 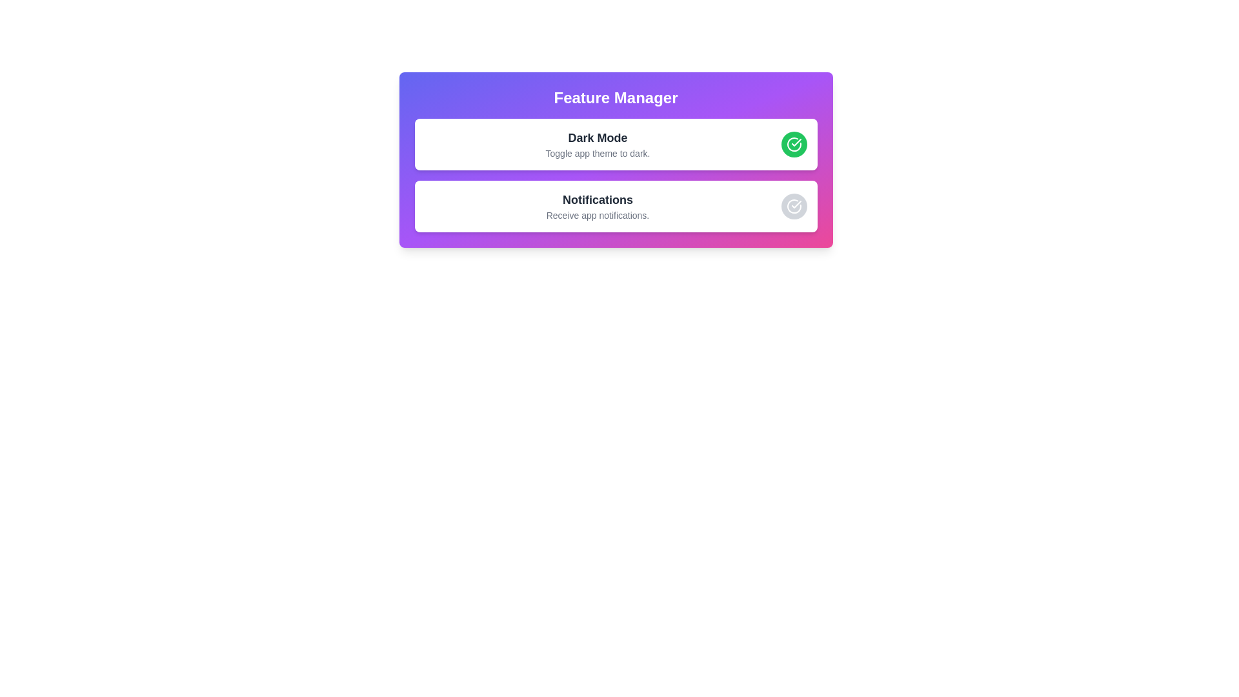 What do you see at coordinates (793, 144) in the screenshot?
I see `the circular green icon with a white check mark that indicates the confirmation of the 'Dark Mode' feature, located to the right of the 'Dark Mode' text` at bounding box center [793, 144].